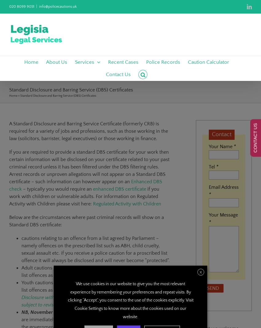  Describe the element at coordinates (57, 189) in the screenshot. I see `'– typically you would require an'` at that location.